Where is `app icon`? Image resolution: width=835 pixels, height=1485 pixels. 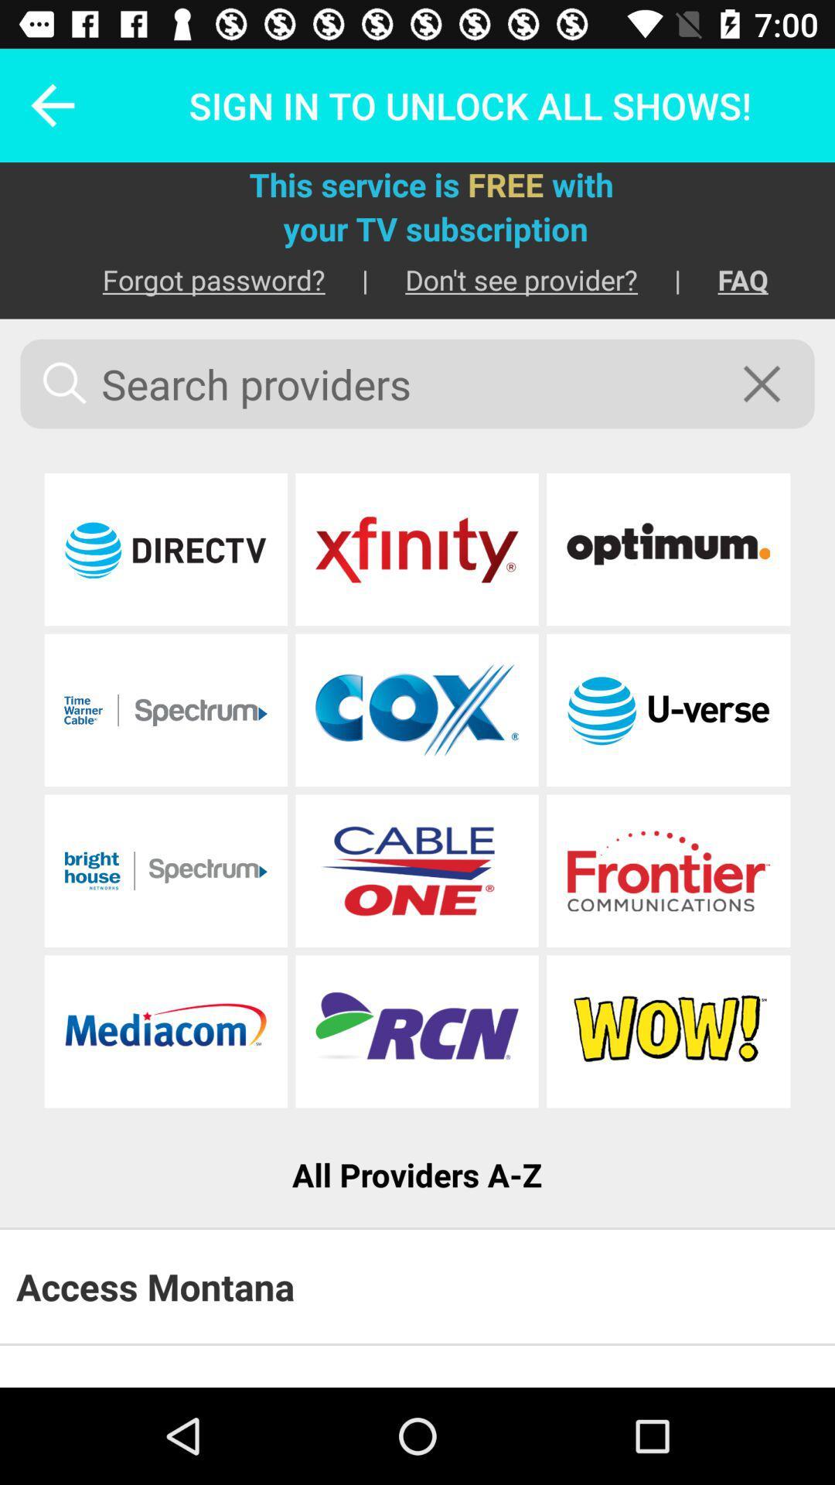 app icon is located at coordinates (667, 1031).